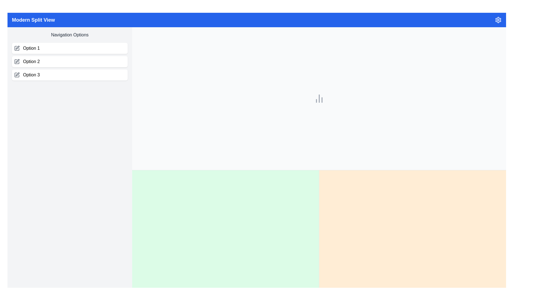  What do you see at coordinates (17, 75) in the screenshot?
I see `the leftmost icon in the third row of the sidebar menu under the label 'Navigation Options' to initiate an edit action for 'Option 3'` at bounding box center [17, 75].